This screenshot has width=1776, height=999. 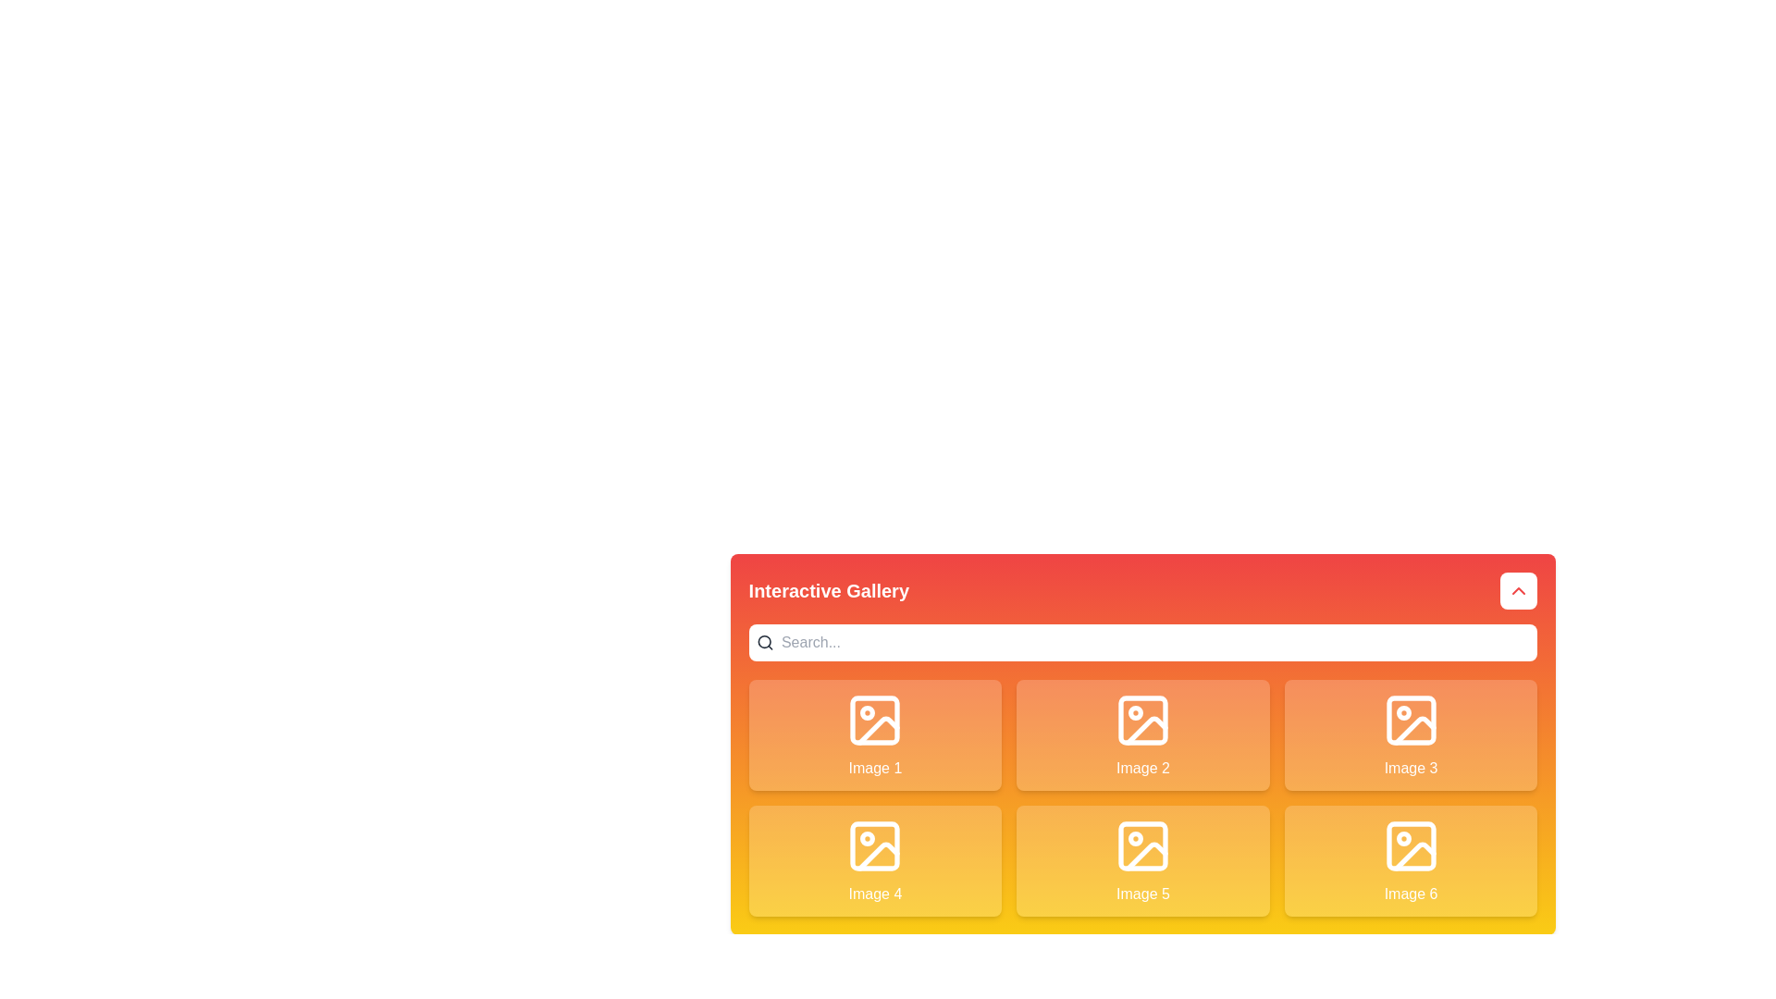 I want to click on the image thumbnail icon located at the center-bottom of the gallery layout under the label 'Image 5', so click(x=1141, y=845).